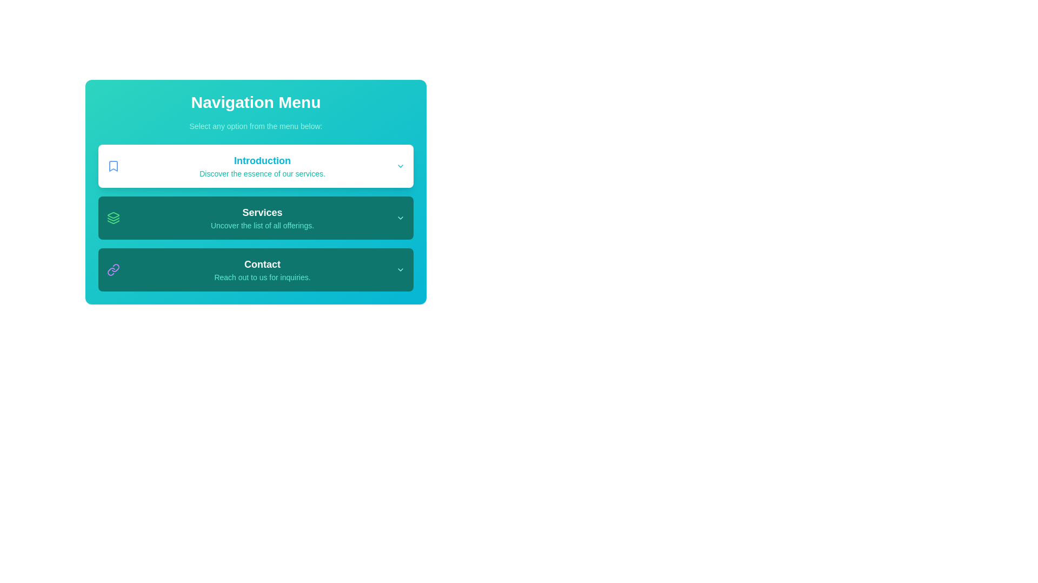 Image resolution: width=1038 pixels, height=583 pixels. I want to click on the hyperlink that serves as a navigation link to the 'Contact' section located at the bottom of the navigation menu, so click(262, 264).